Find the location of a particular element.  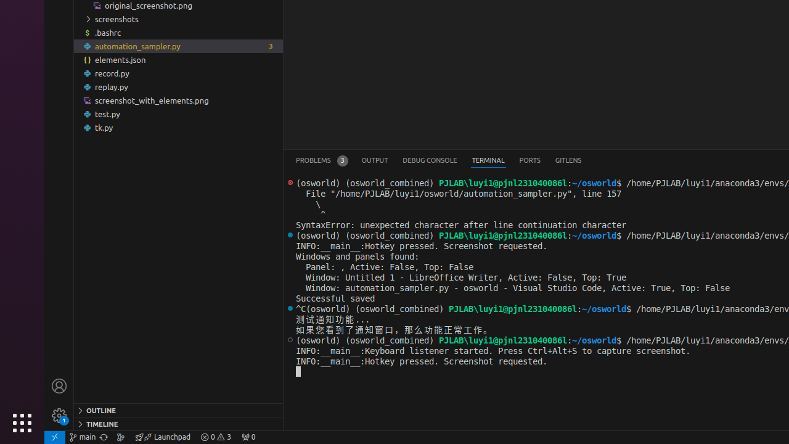

'.bashrc' is located at coordinates (178, 31).